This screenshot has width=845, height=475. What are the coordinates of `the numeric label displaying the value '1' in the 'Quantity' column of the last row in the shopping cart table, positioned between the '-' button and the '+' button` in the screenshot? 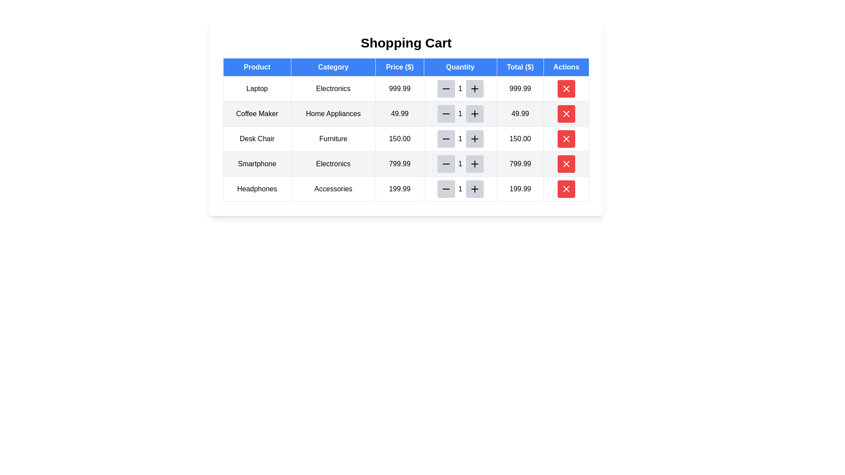 It's located at (460, 188).